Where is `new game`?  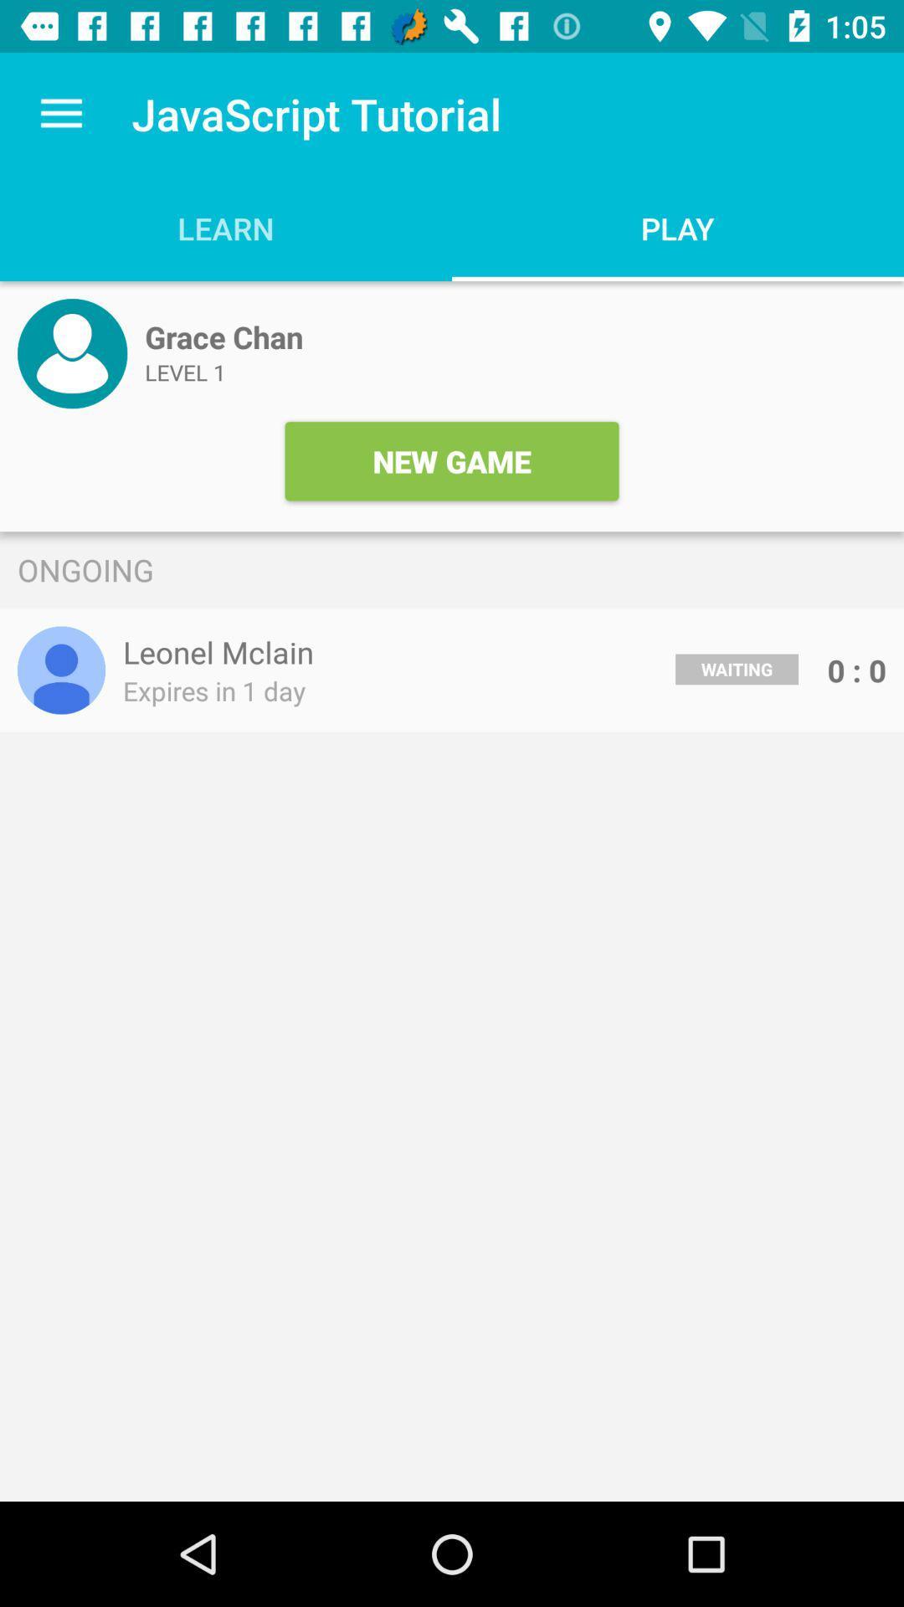 new game is located at coordinates (452, 461).